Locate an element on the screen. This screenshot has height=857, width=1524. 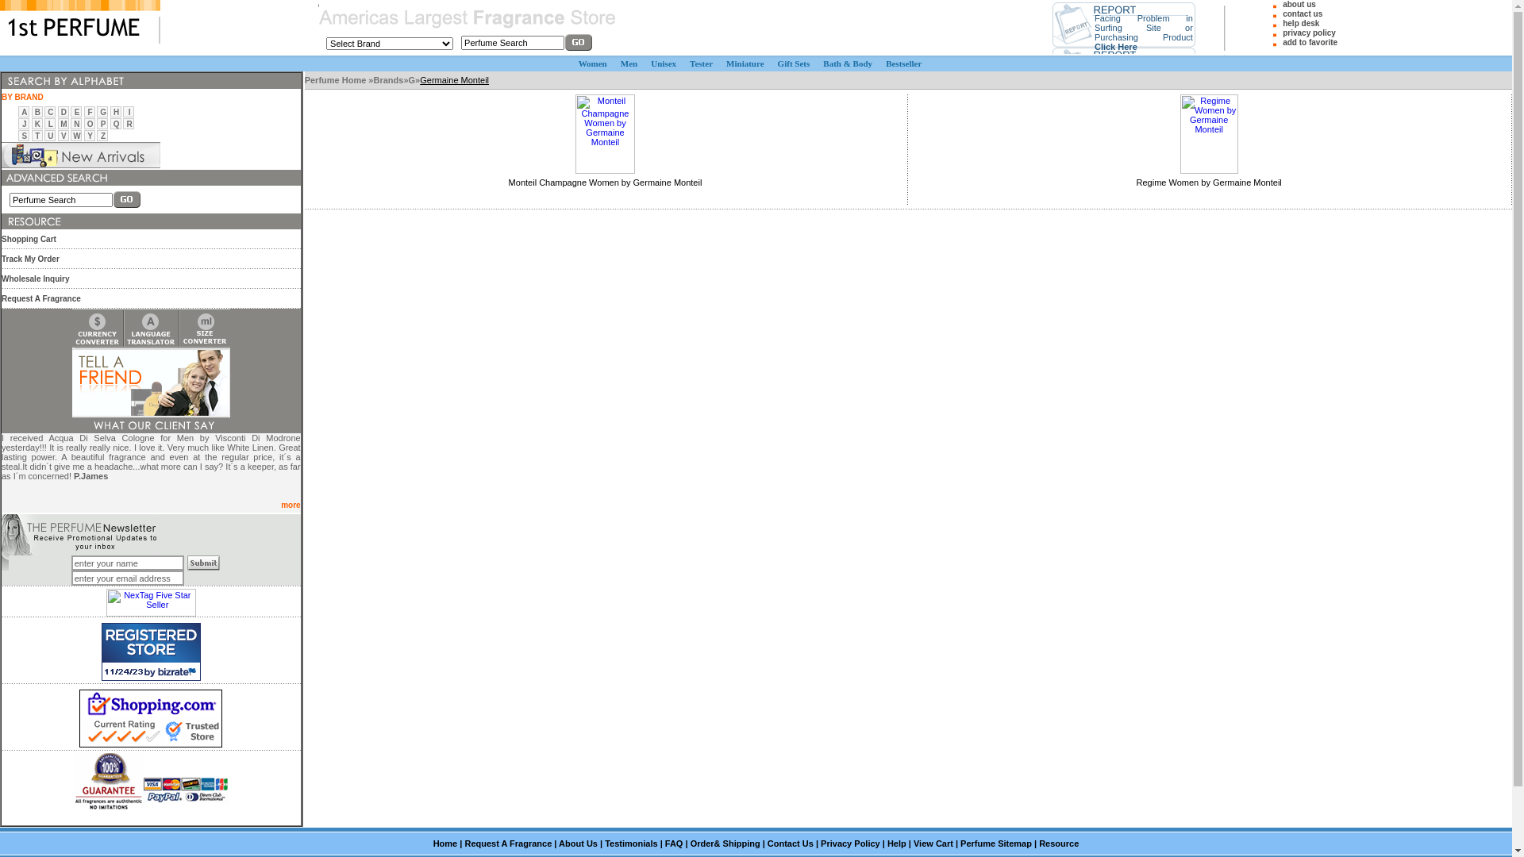
'U' is located at coordinates (50, 135).